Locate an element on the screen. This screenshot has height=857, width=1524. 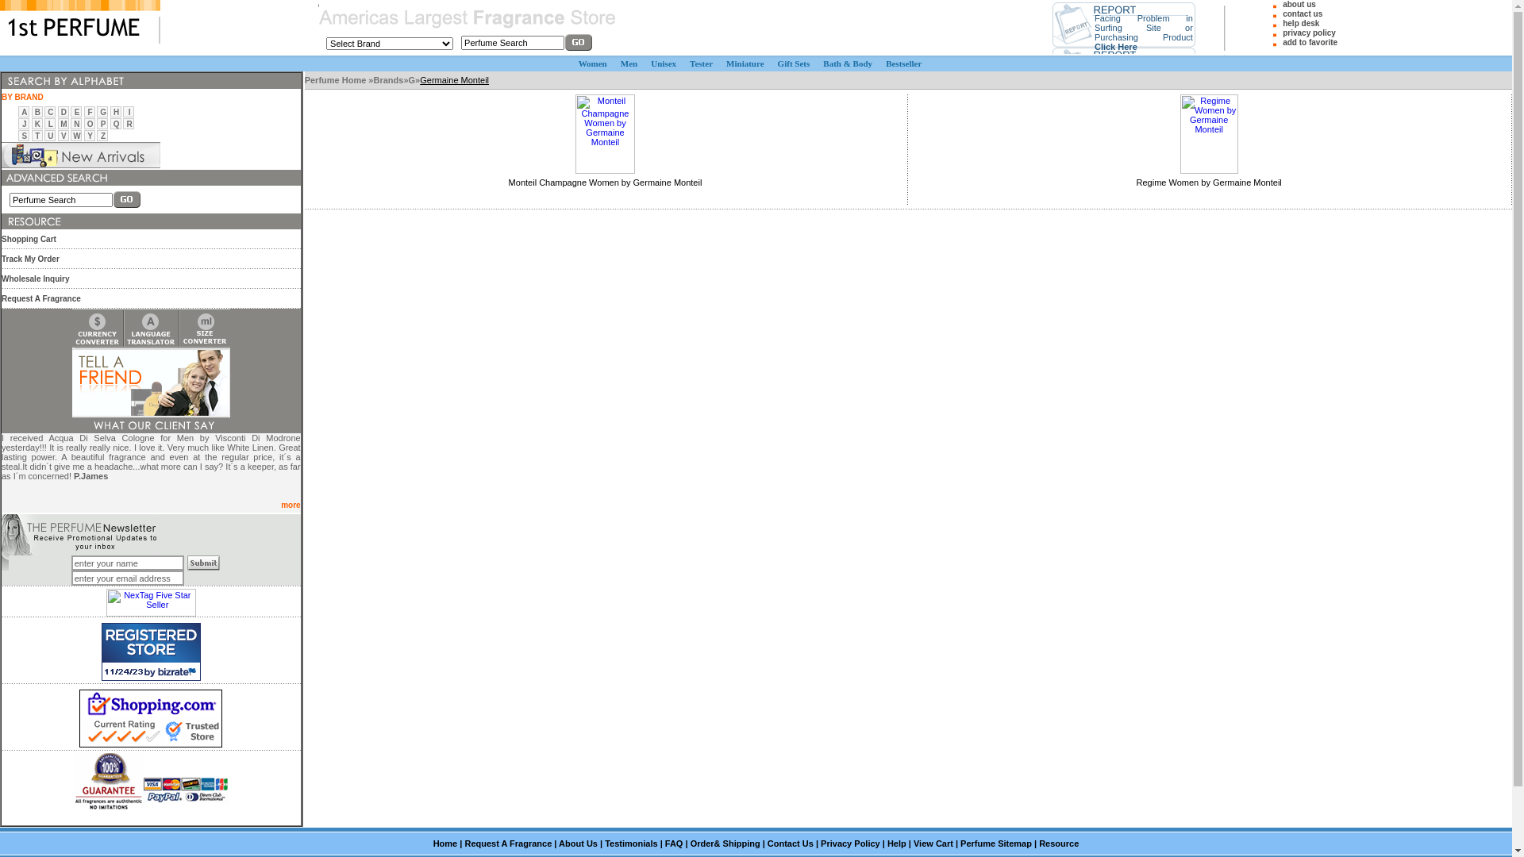
'U' is located at coordinates (50, 135).